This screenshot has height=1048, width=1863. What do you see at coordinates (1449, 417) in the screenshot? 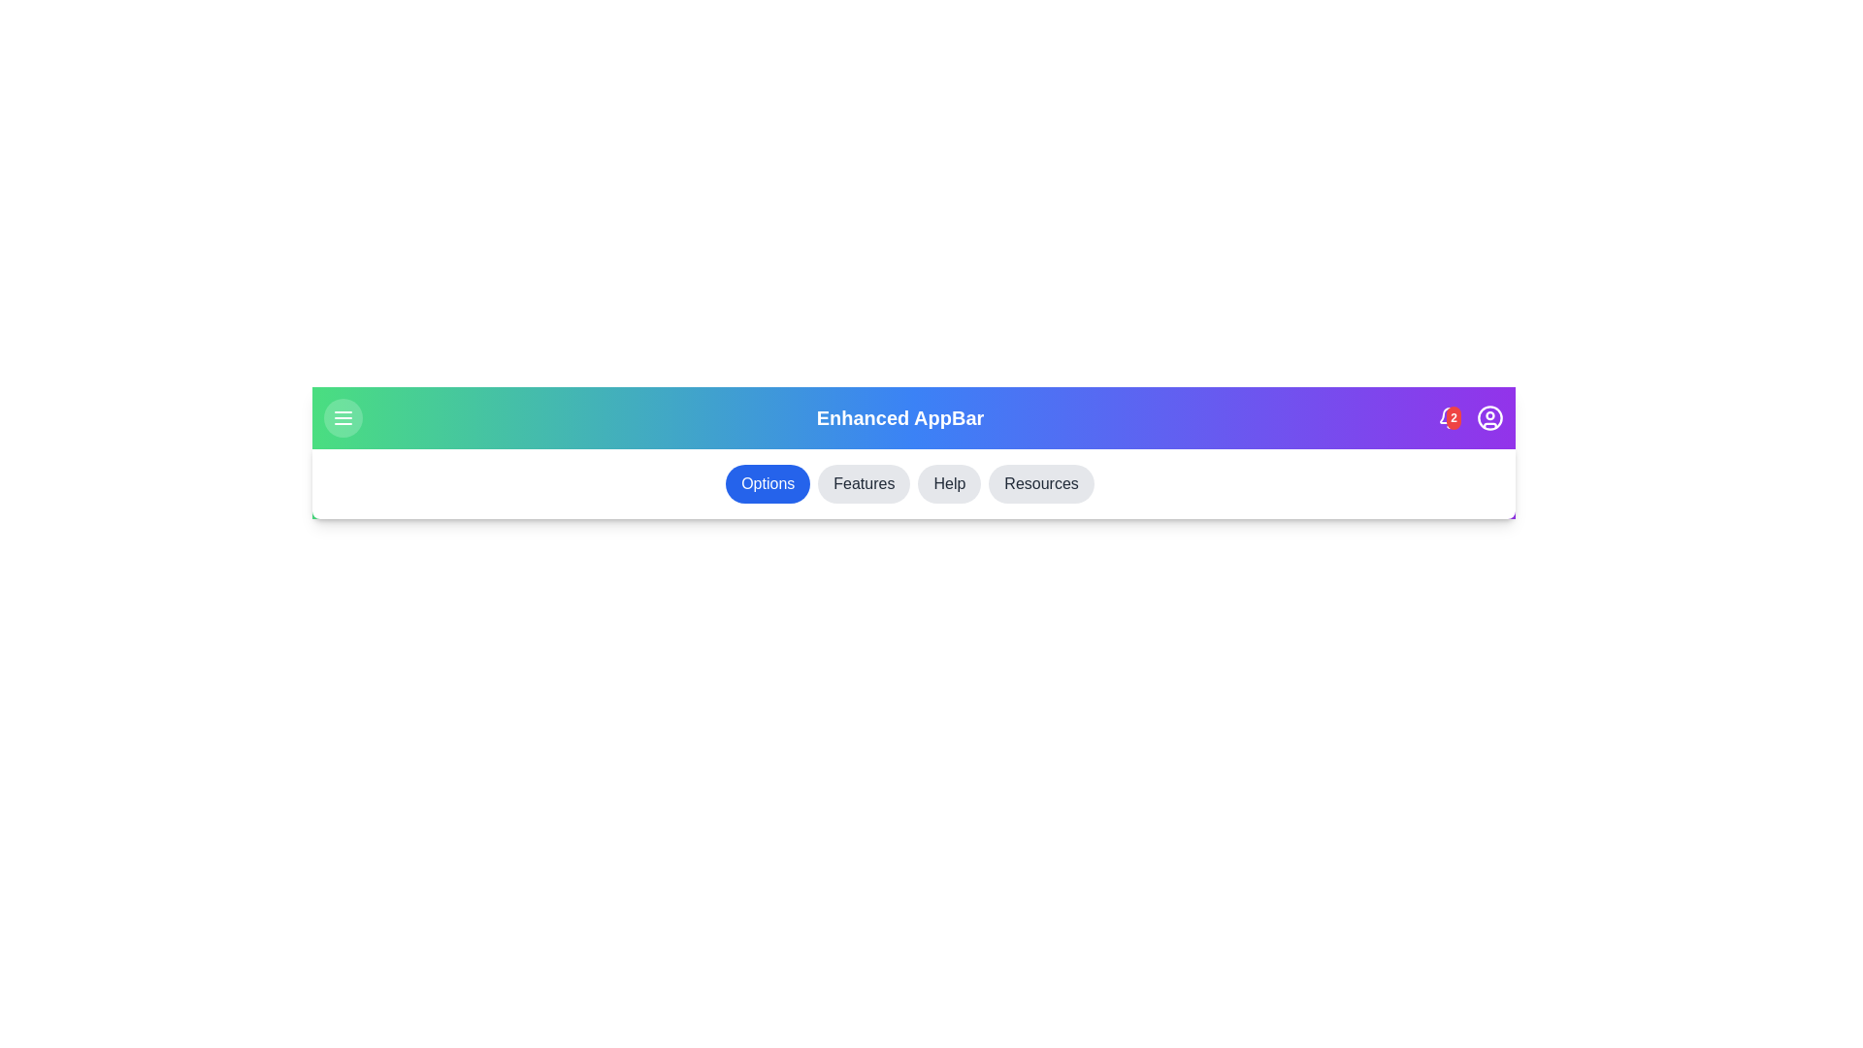
I see `the bell icon to open the notifications panel` at bounding box center [1449, 417].